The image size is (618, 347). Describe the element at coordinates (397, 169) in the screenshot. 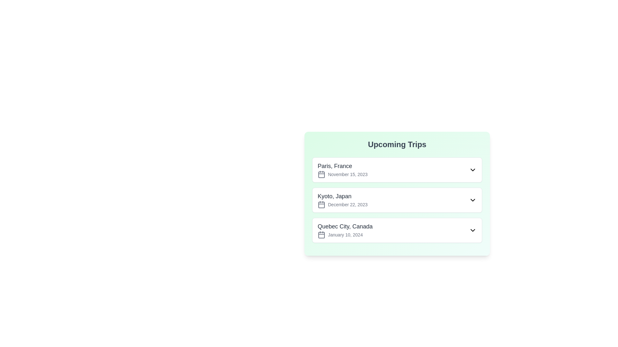

I see `the first item in the 'Upcoming Trips' list, which displays 'Paris, France' and 'November 15, 2023'` at that location.